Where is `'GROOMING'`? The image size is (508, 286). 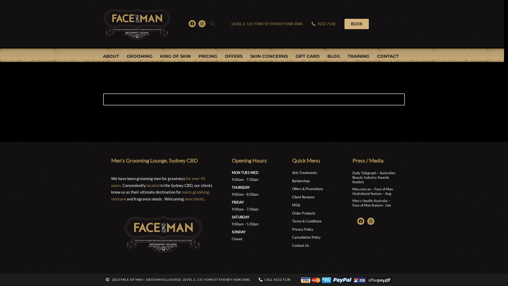 'GROOMING' is located at coordinates (139, 56).